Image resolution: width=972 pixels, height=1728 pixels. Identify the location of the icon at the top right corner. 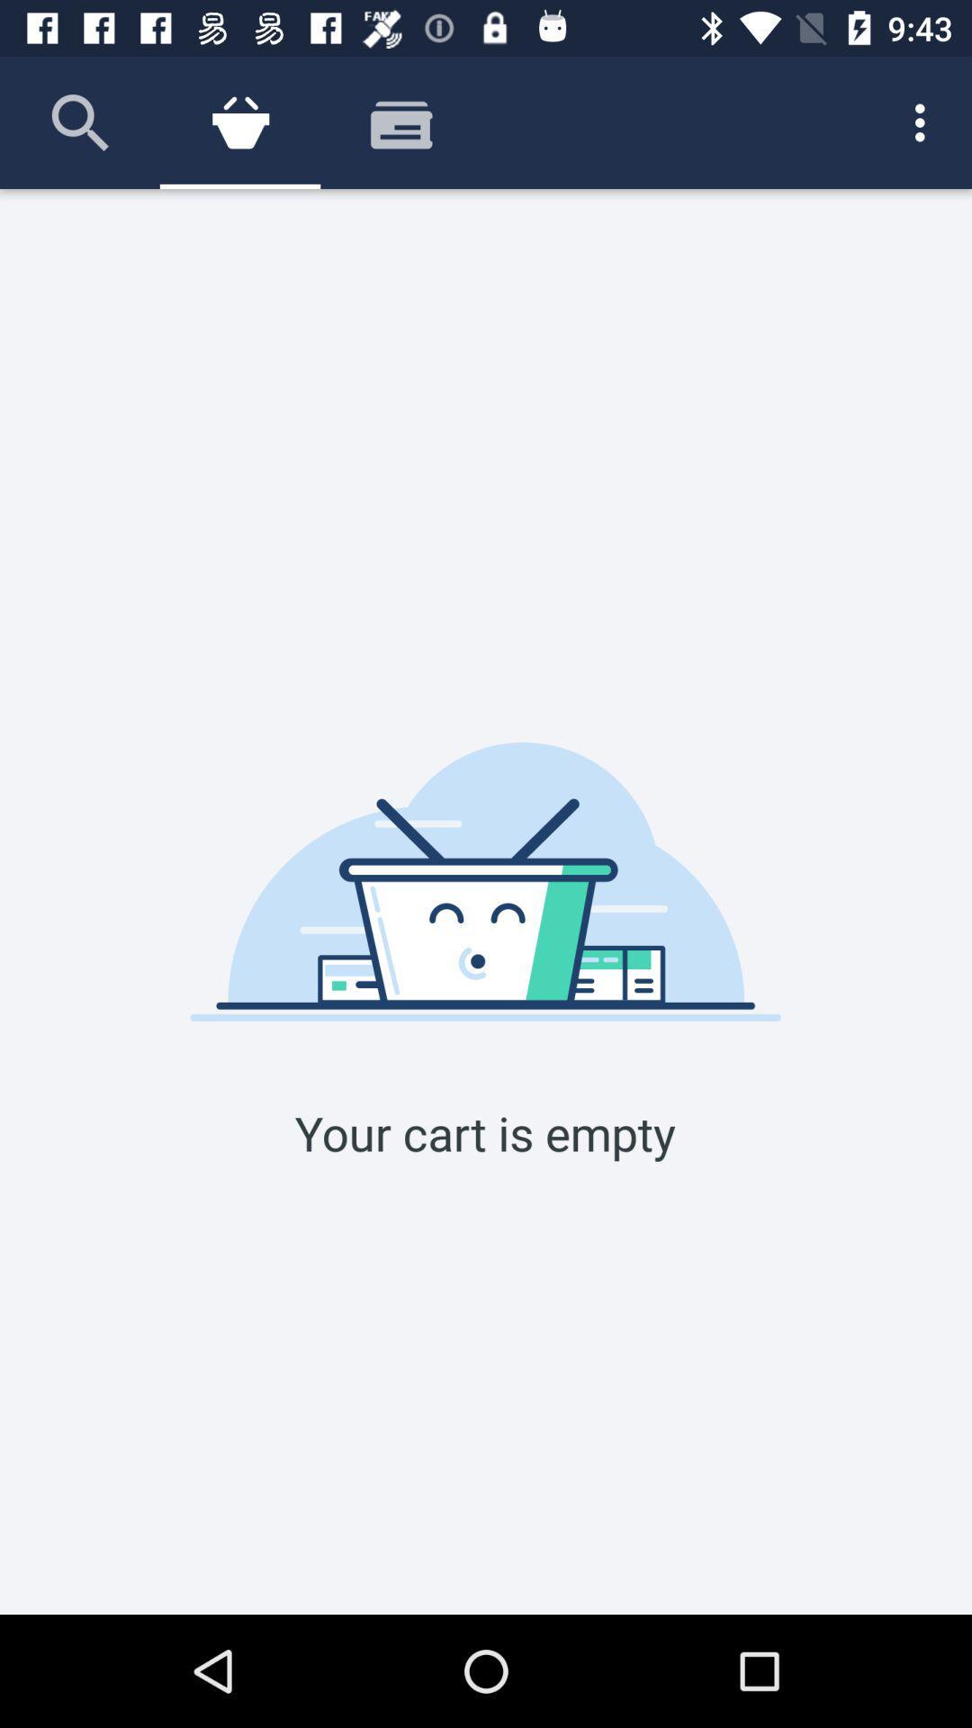
(924, 121).